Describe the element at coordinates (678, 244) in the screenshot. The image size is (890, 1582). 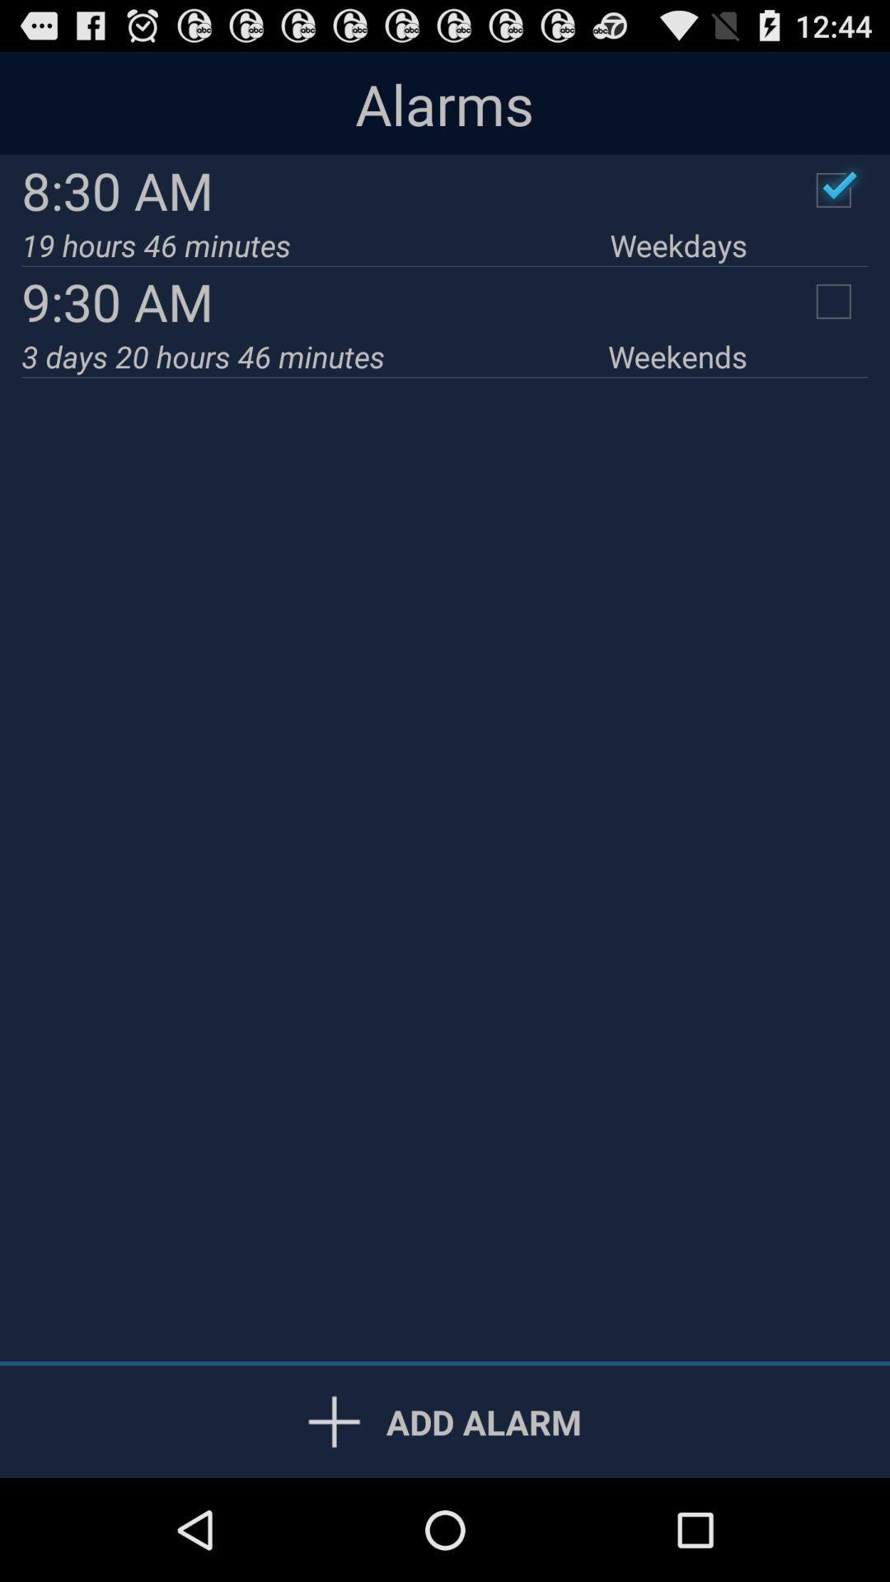
I see `the weekdays item` at that location.